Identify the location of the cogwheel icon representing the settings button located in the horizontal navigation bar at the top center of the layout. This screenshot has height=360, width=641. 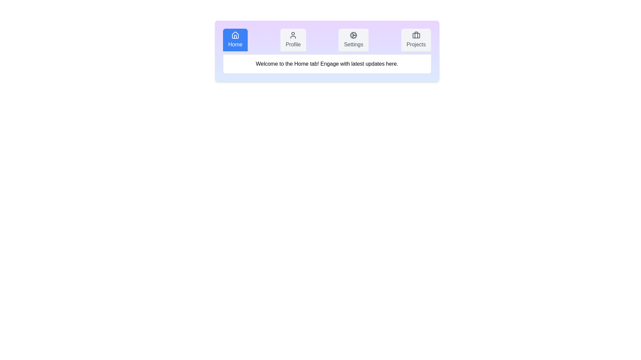
(353, 35).